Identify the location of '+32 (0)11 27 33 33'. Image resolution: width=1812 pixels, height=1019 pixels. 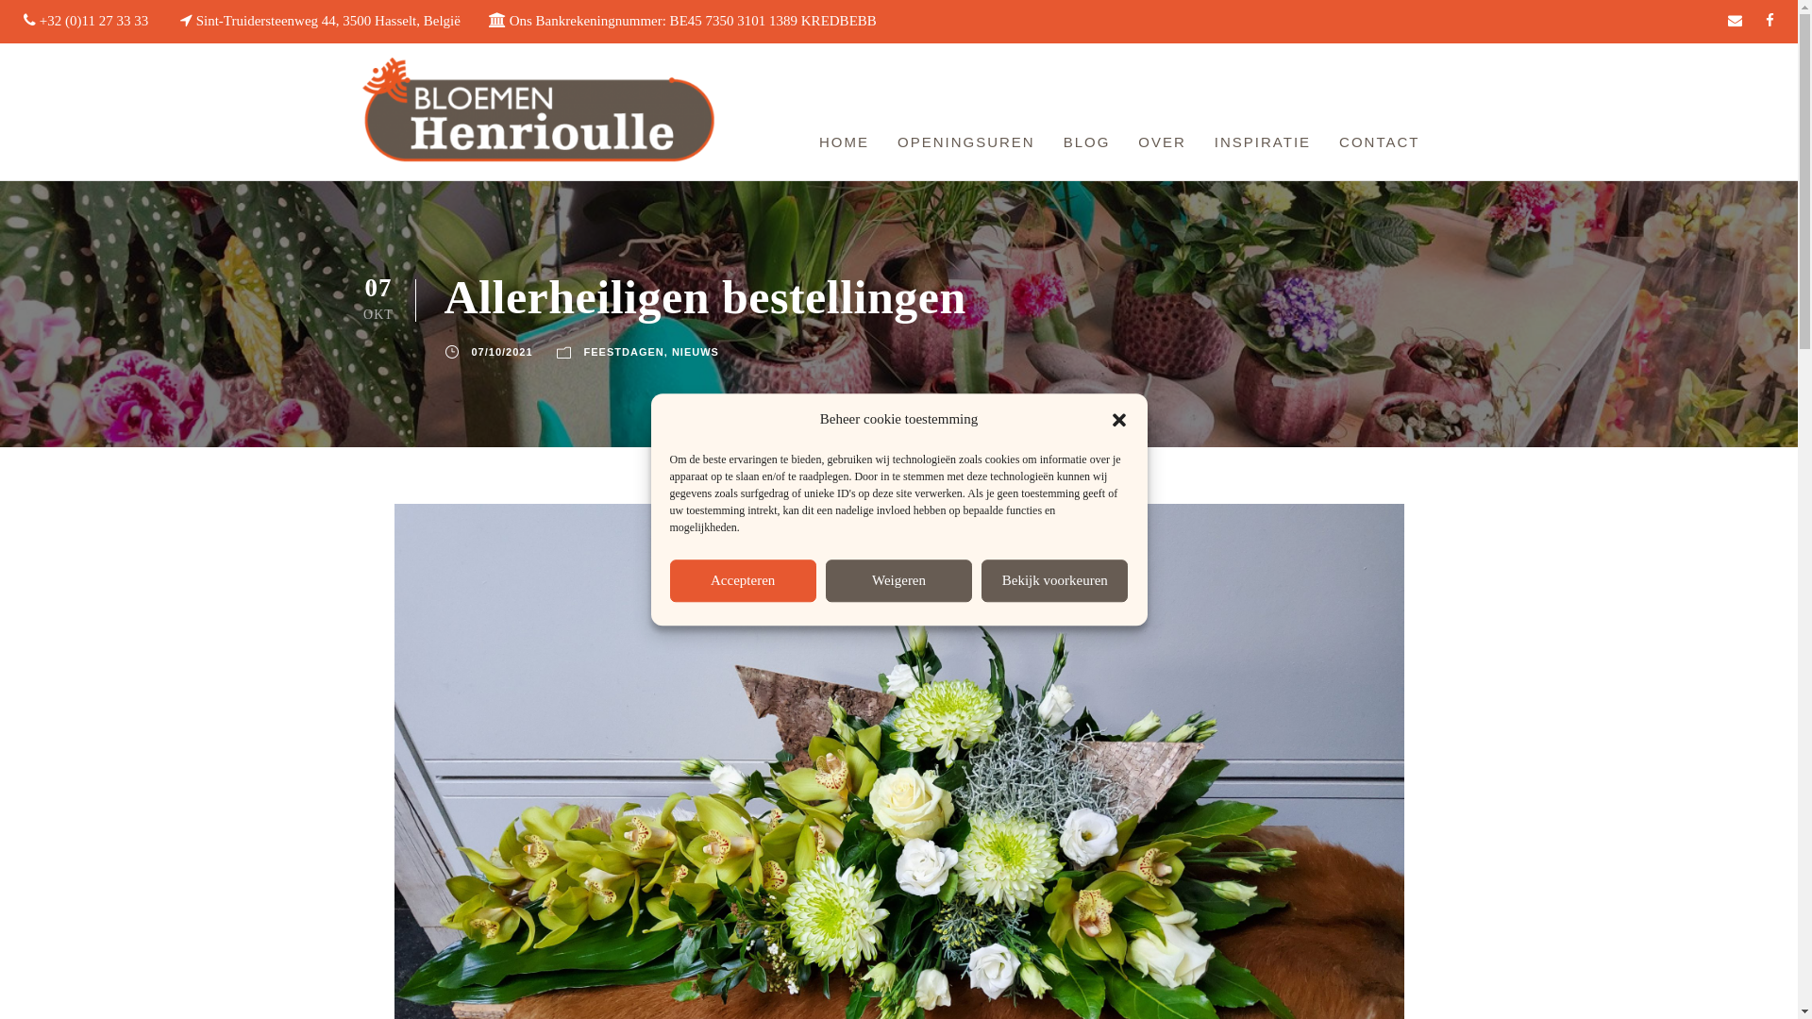
(92, 21).